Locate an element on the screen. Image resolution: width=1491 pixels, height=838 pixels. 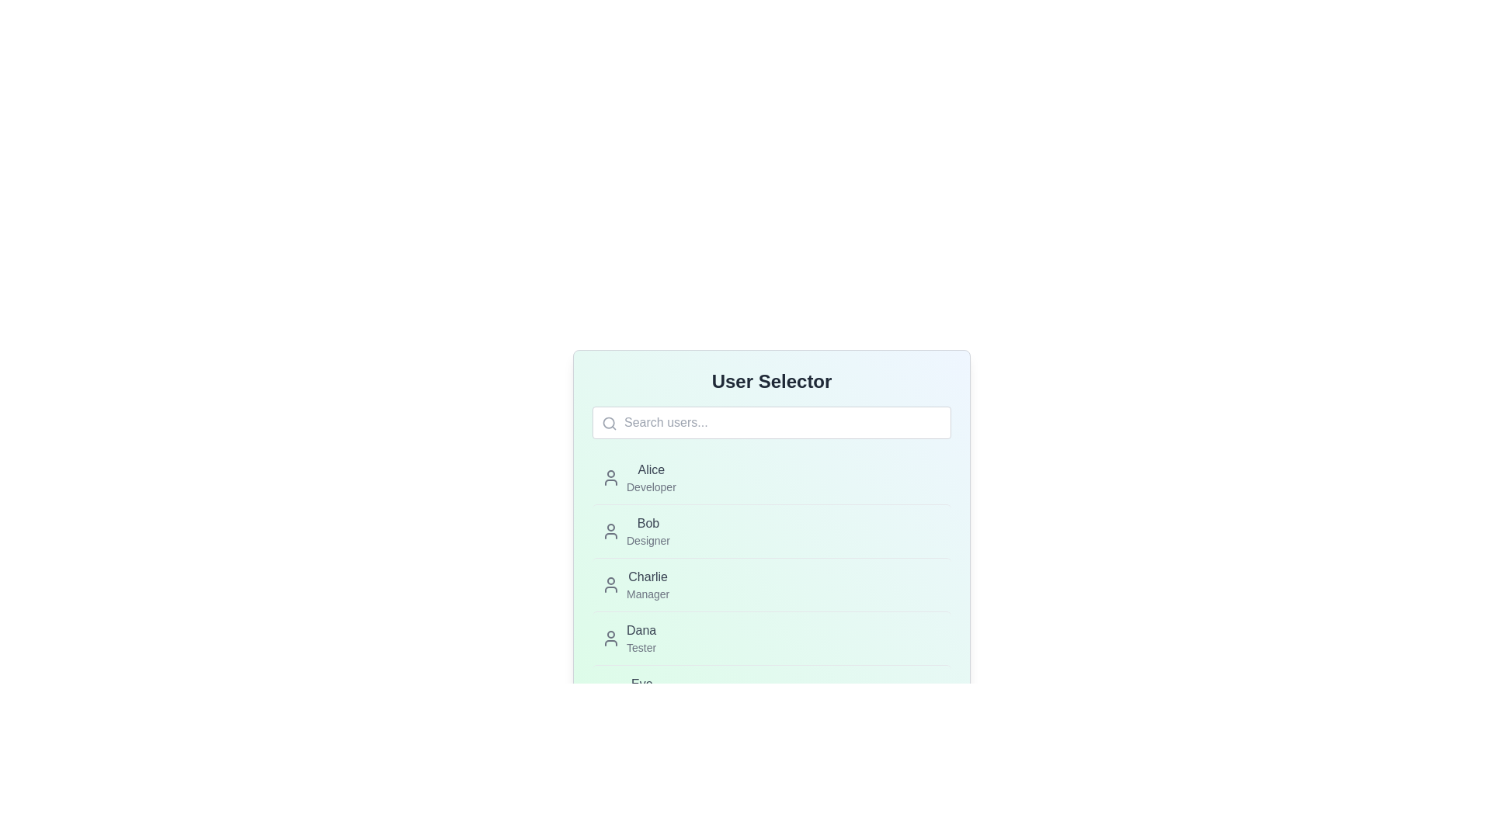
the user icon representing 'Dana Tester' in the user selection list, which is located to the left of the name is located at coordinates (610, 638).